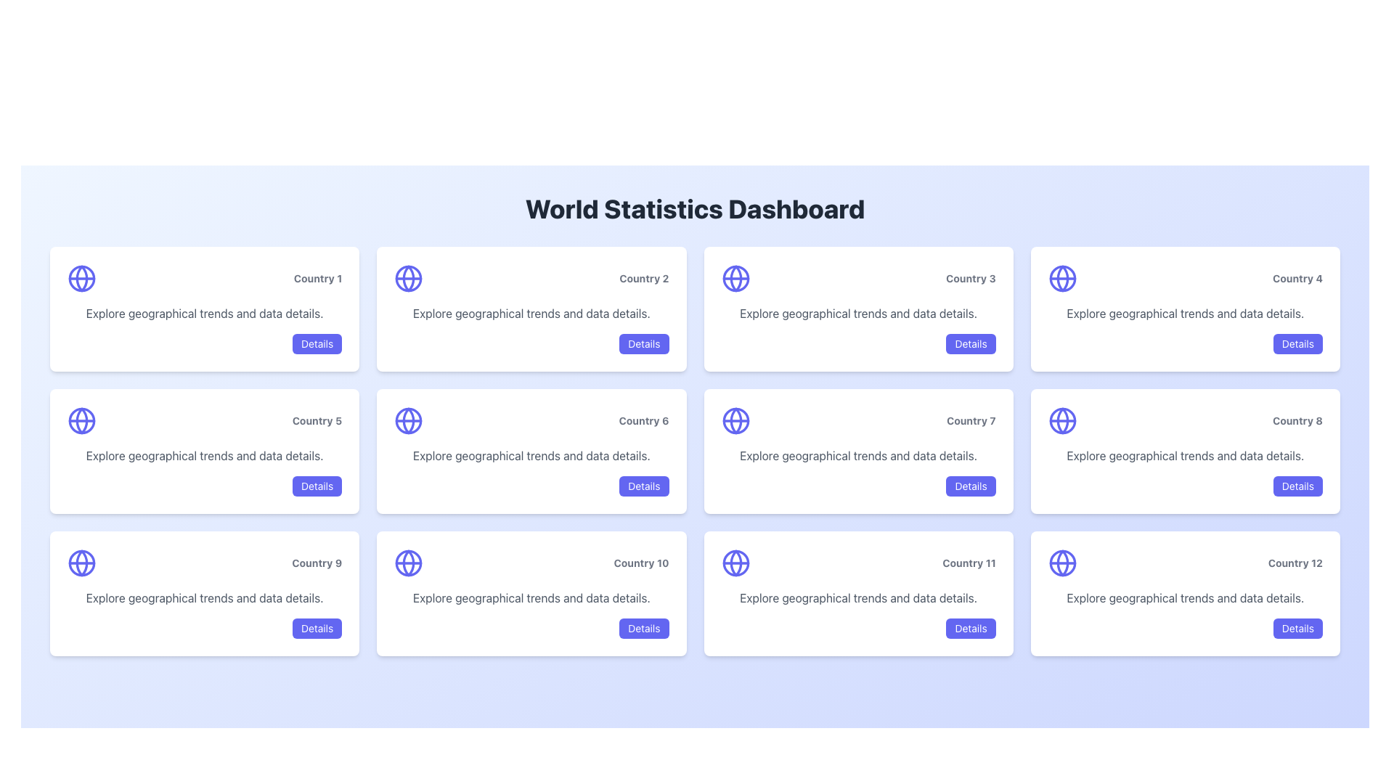  Describe the element at coordinates (858, 308) in the screenshot. I see `the interactive card displaying information about 'Country 3'` at that location.